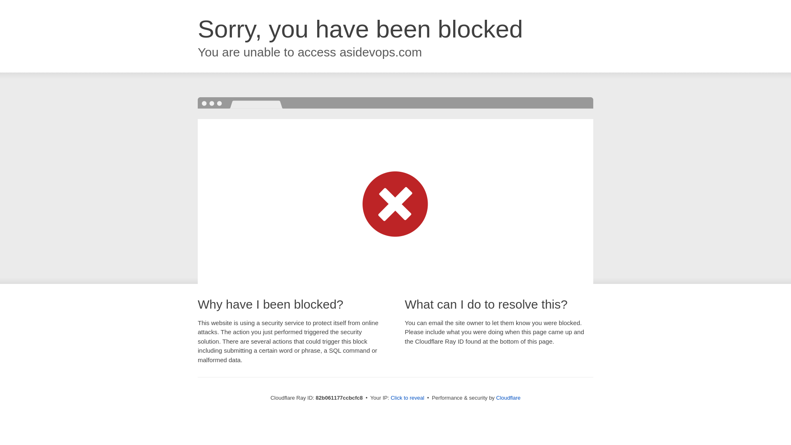 This screenshot has height=445, width=791. Describe the element at coordinates (508, 397) in the screenshot. I see `'Cloudflare'` at that location.